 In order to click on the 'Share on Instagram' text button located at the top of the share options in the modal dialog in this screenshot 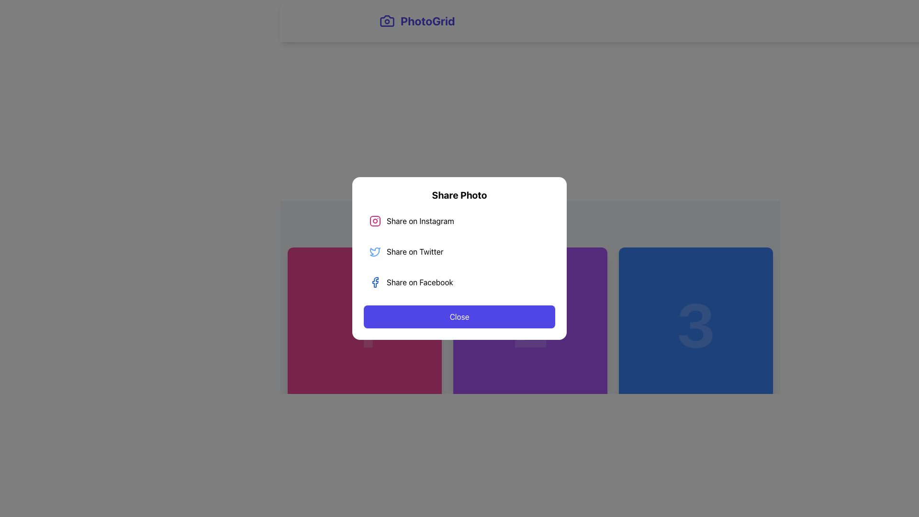, I will do `click(420, 221)`.